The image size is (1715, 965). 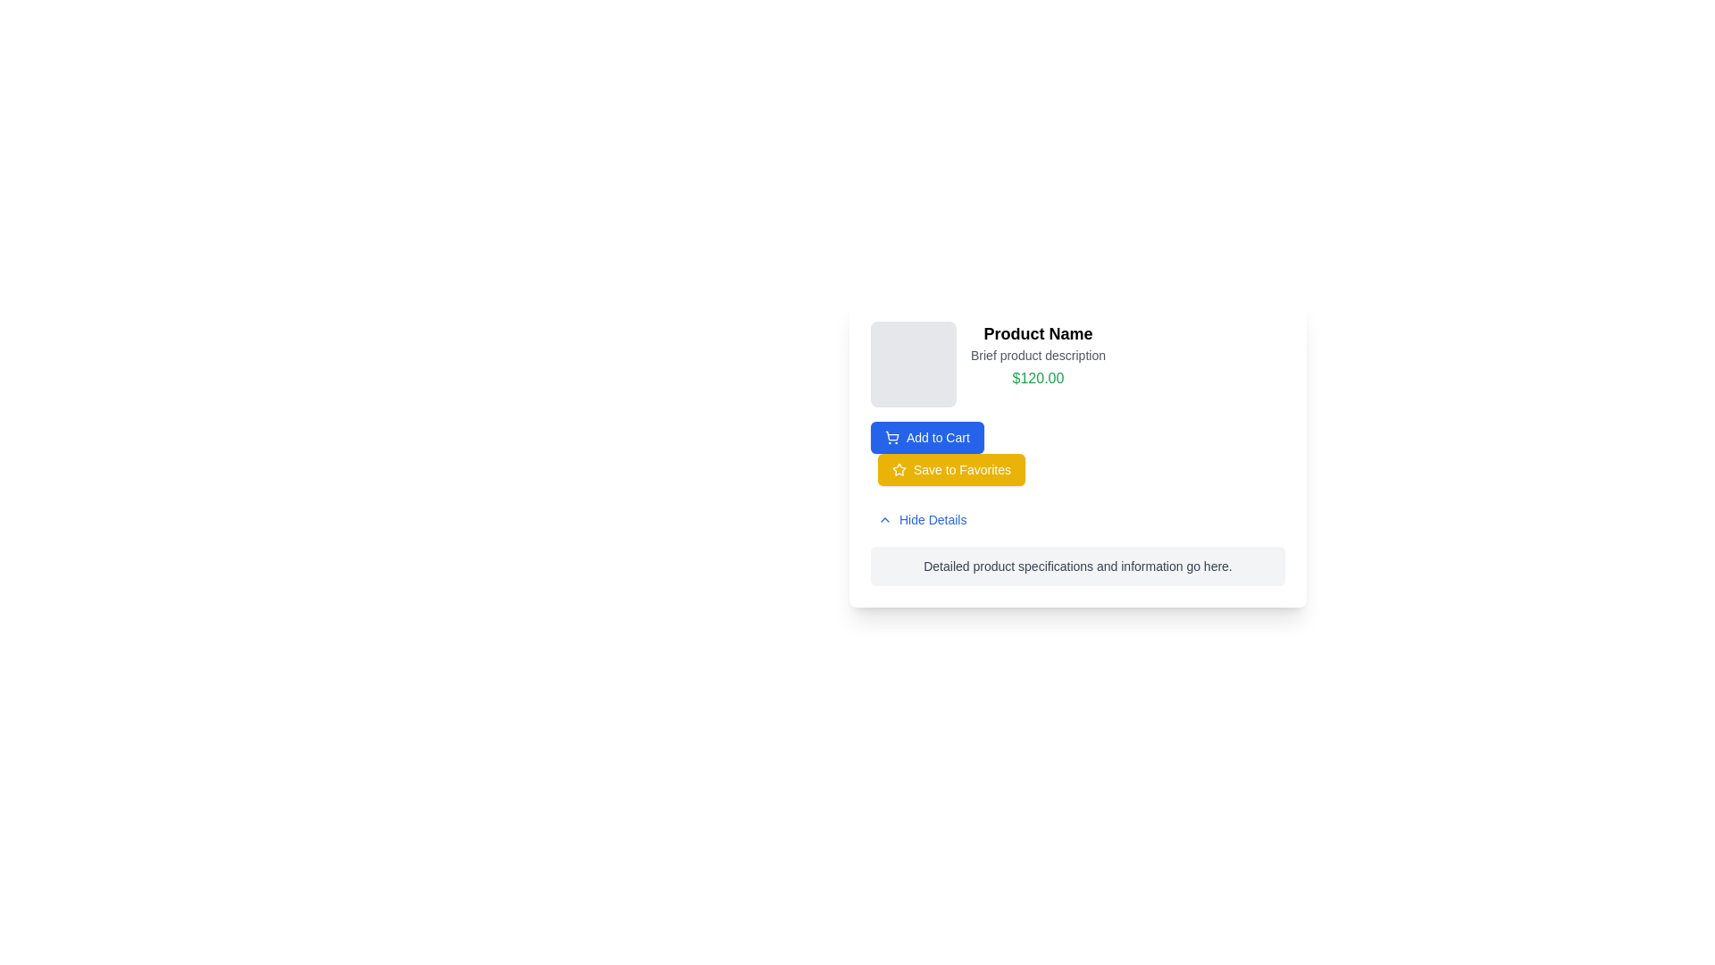 I want to click on the yellow star-shaped icon within the 'Save to Favorites' button, located to the left of the text label, so click(x=899, y=468).